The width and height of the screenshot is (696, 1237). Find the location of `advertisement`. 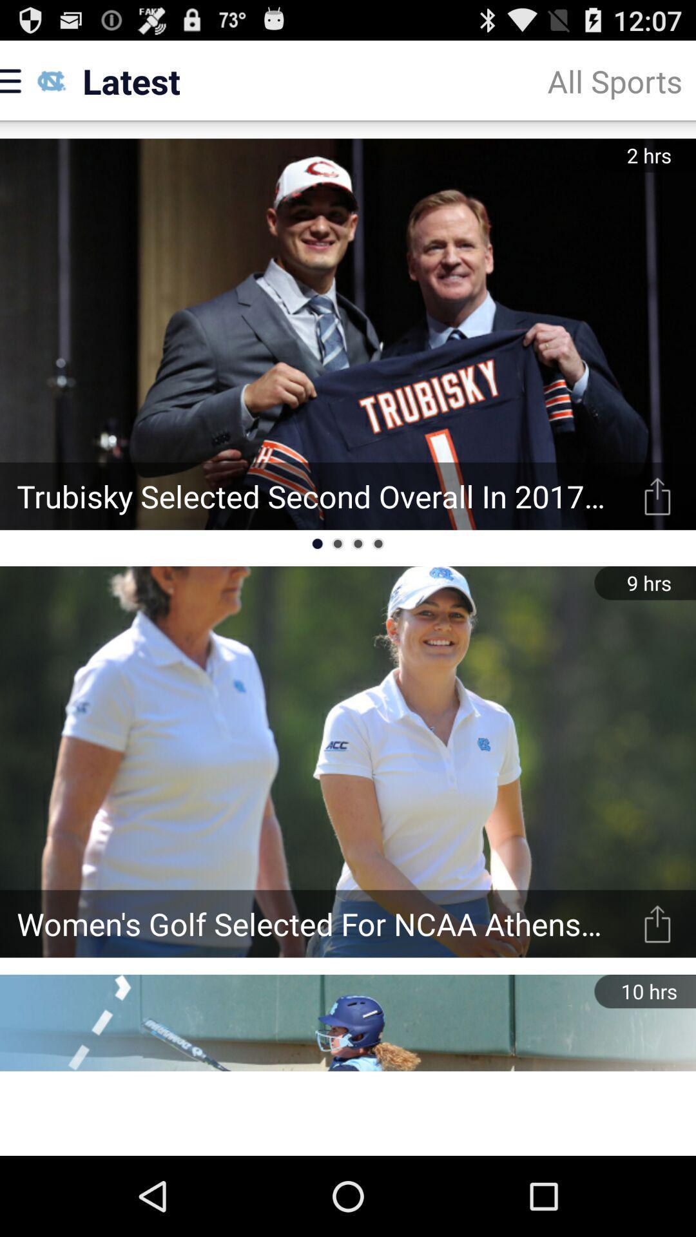

advertisement is located at coordinates (348, 1113).